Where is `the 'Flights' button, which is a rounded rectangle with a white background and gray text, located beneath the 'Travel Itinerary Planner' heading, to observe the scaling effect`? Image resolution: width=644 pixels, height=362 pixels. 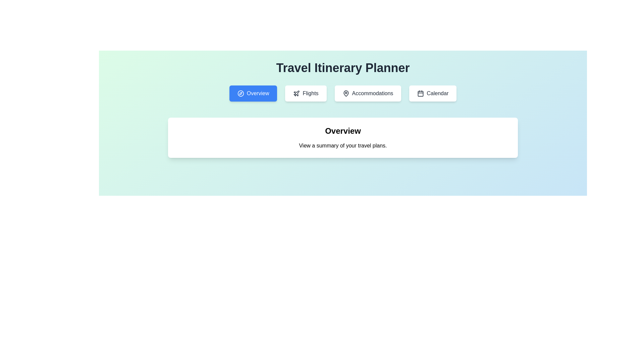
the 'Flights' button, which is a rounded rectangle with a white background and gray text, located beneath the 'Travel Itinerary Planner' heading, to observe the scaling effect is located at coordinates (306, 93).